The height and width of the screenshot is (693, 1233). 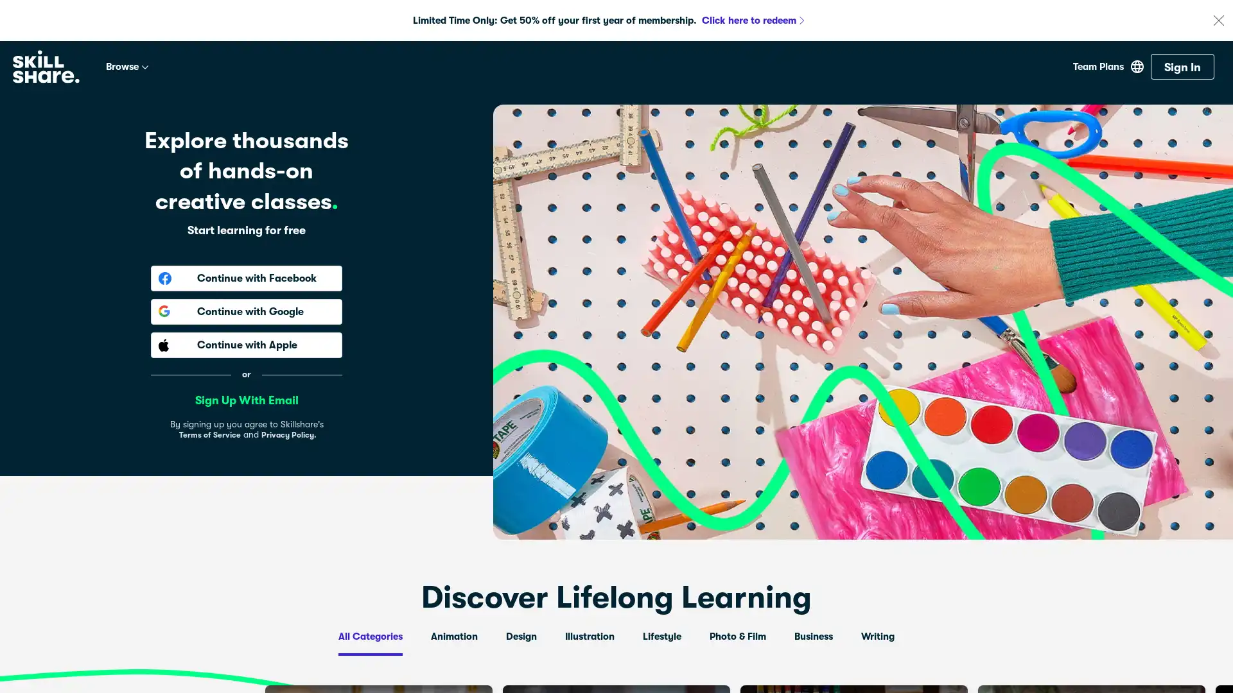 What do you see at coordinates (247, 311) in the screenshot?
I see `Continue with Google` at bounding box center [247, 311].